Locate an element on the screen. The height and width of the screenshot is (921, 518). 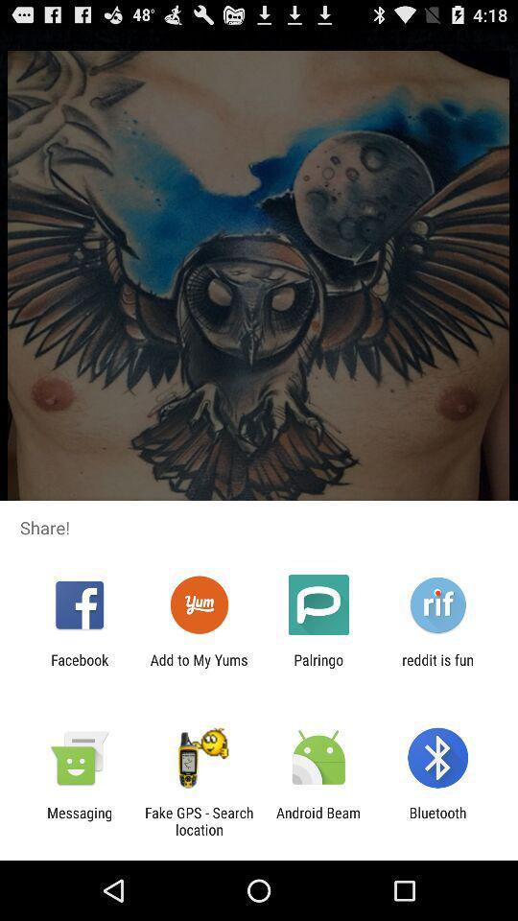
fake gps search item is located at coordinates (198, 820).